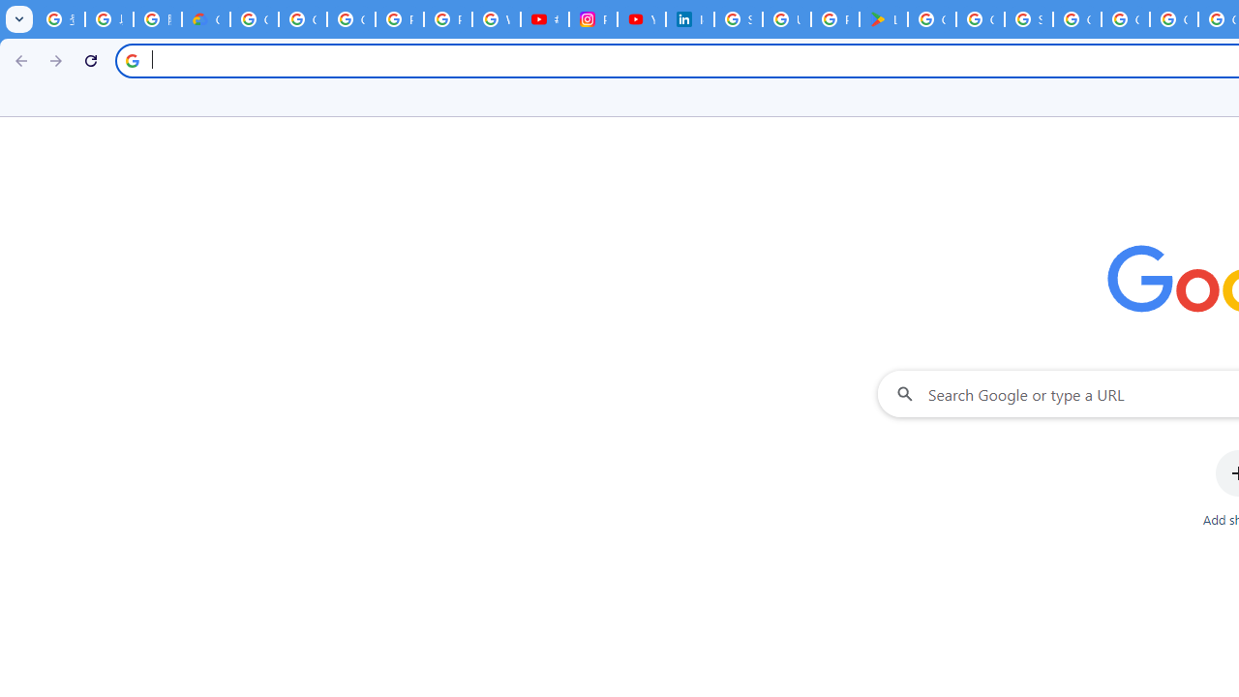  What do you see at coordinates (1028, 19) in the screenshot?
I see `'Sign in - Google Accounts'` at bounding box center [1028, 19].